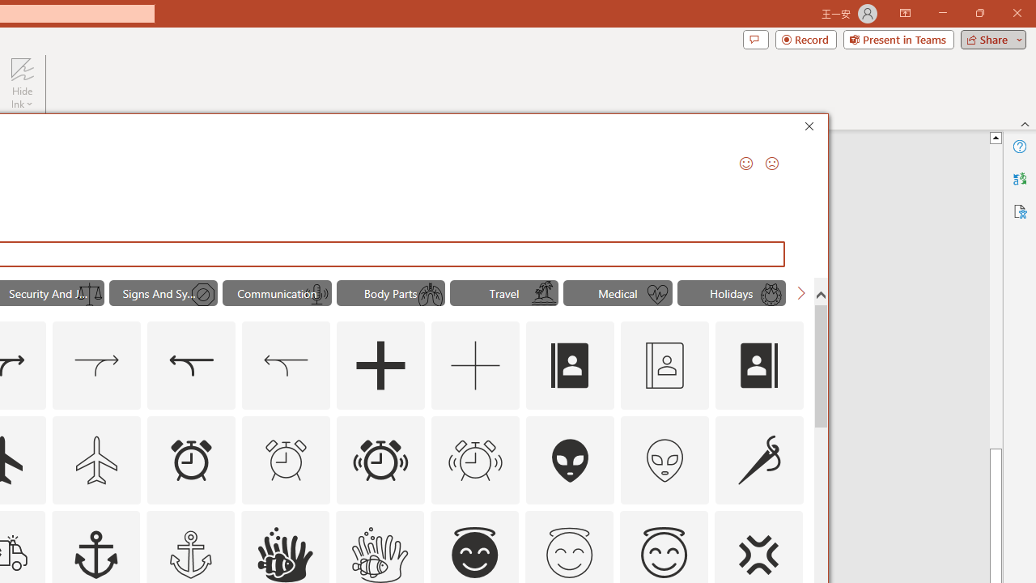 This screenshot has height=583, width=1036. I want to click on 'AutomationID: Icons_AlterationsTailoring', so click(758, 460).